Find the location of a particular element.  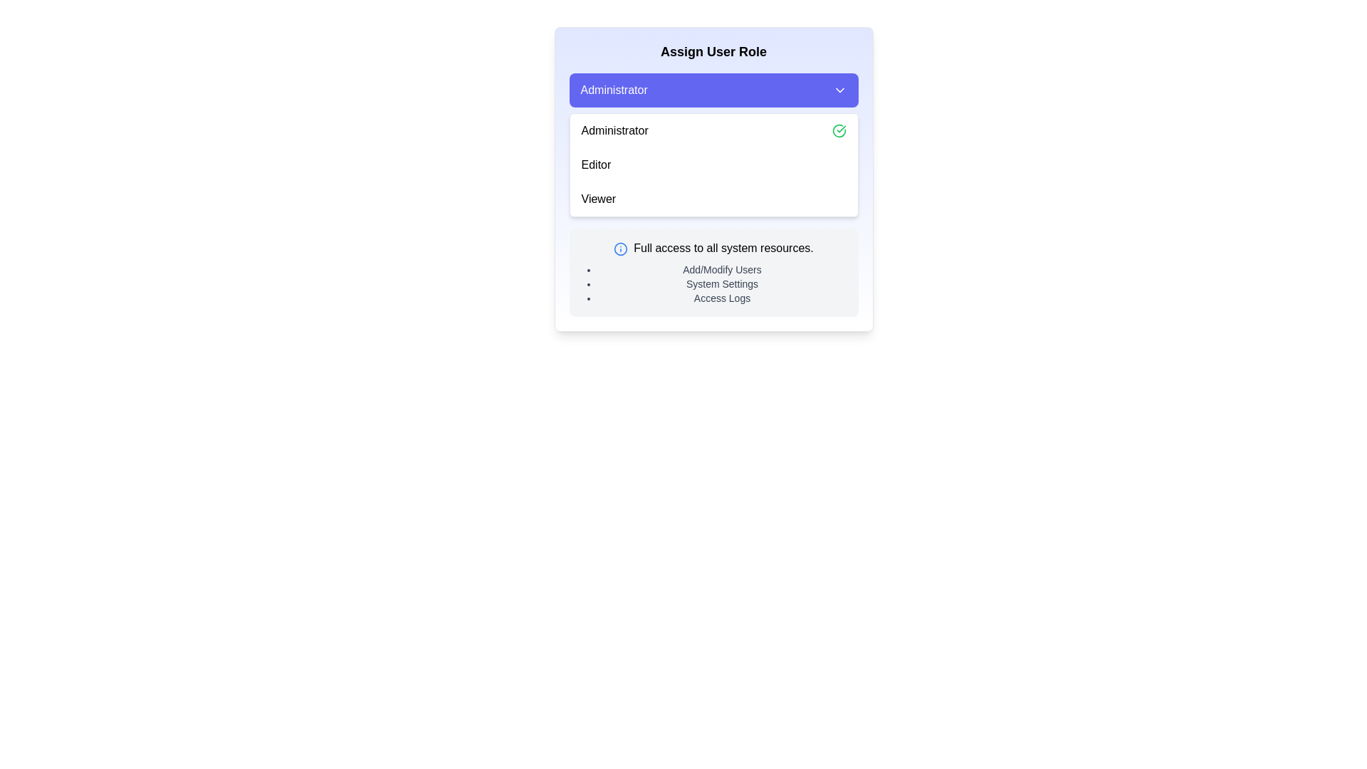

textual list containing 'Add/Modify Users', 'System Settings', and 'Access Logs' to understand permissions, located in the lower section of the 'Assign User Role' panel is located at coordinates (722, 283).